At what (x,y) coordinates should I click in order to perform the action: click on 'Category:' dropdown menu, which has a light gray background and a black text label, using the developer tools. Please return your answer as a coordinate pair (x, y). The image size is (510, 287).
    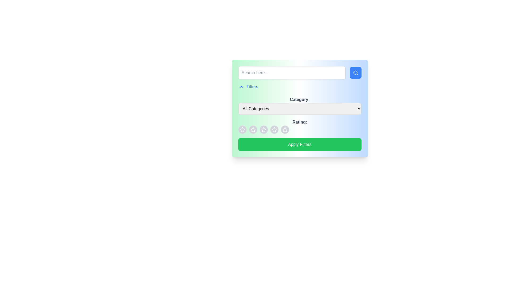
    Looking at the image, I should click on (300, 105).